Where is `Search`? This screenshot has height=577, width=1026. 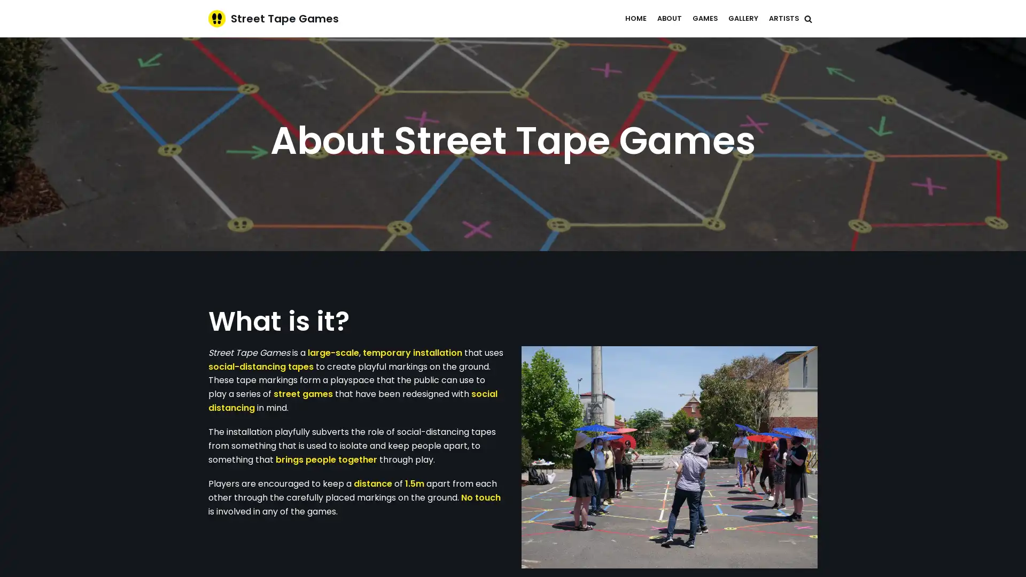
Search is located at coordinates (808, 19).